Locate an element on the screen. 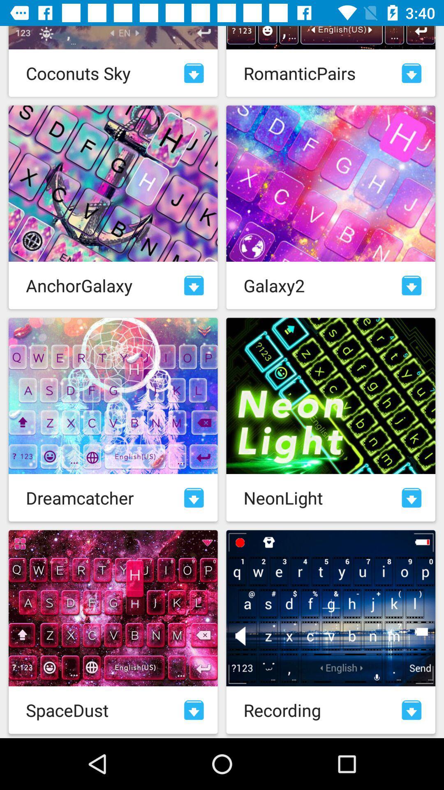 This screenshot has height=790, width=444. download neonlight keys is located at coordinates (412, 497).